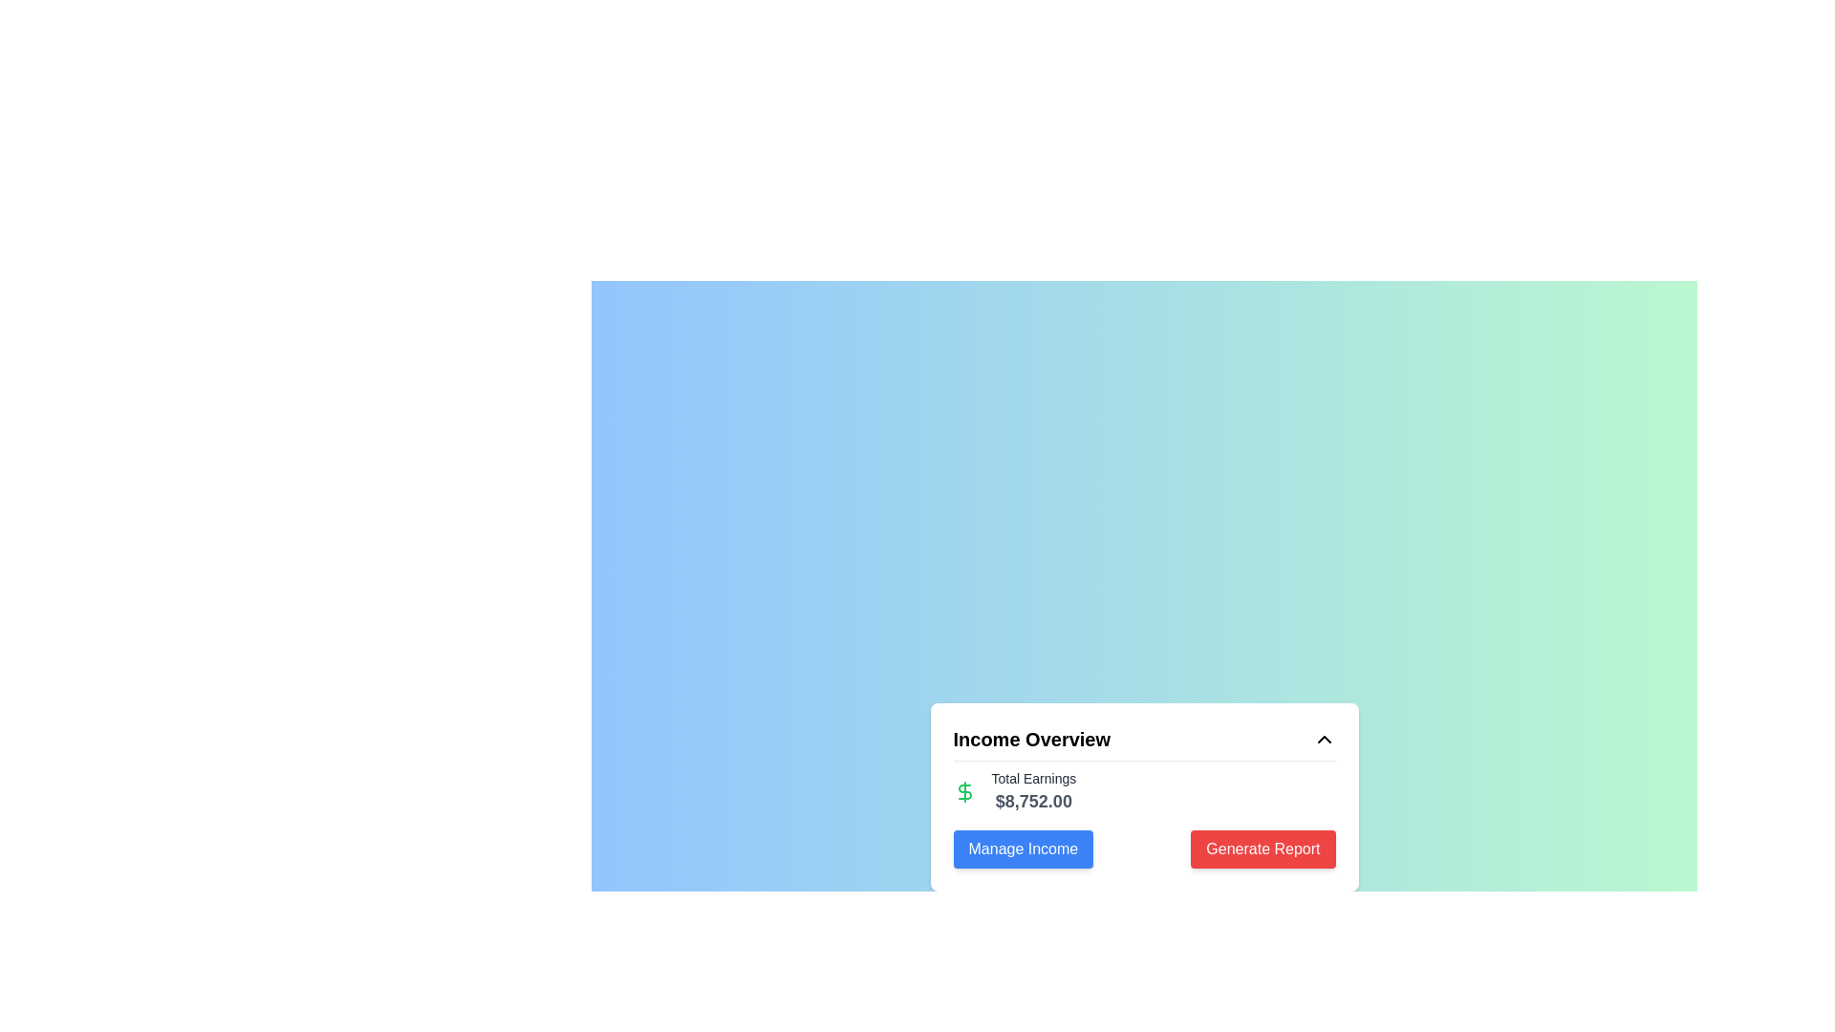 The image size is (1835, 1032). I want to click on the left button in the horizontal pair under the 'Income Overview' section, so click(1022, 847).